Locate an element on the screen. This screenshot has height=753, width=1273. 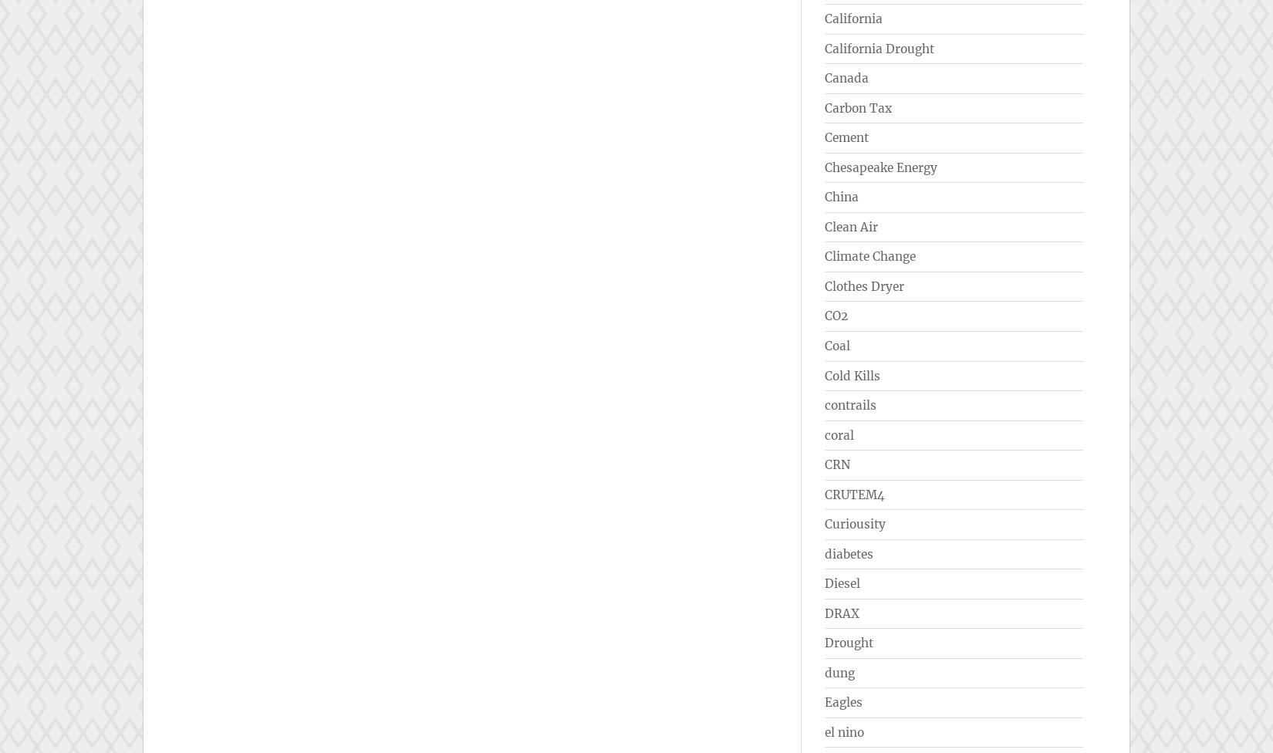
'diabetes' is located at coordinates (849, 552).